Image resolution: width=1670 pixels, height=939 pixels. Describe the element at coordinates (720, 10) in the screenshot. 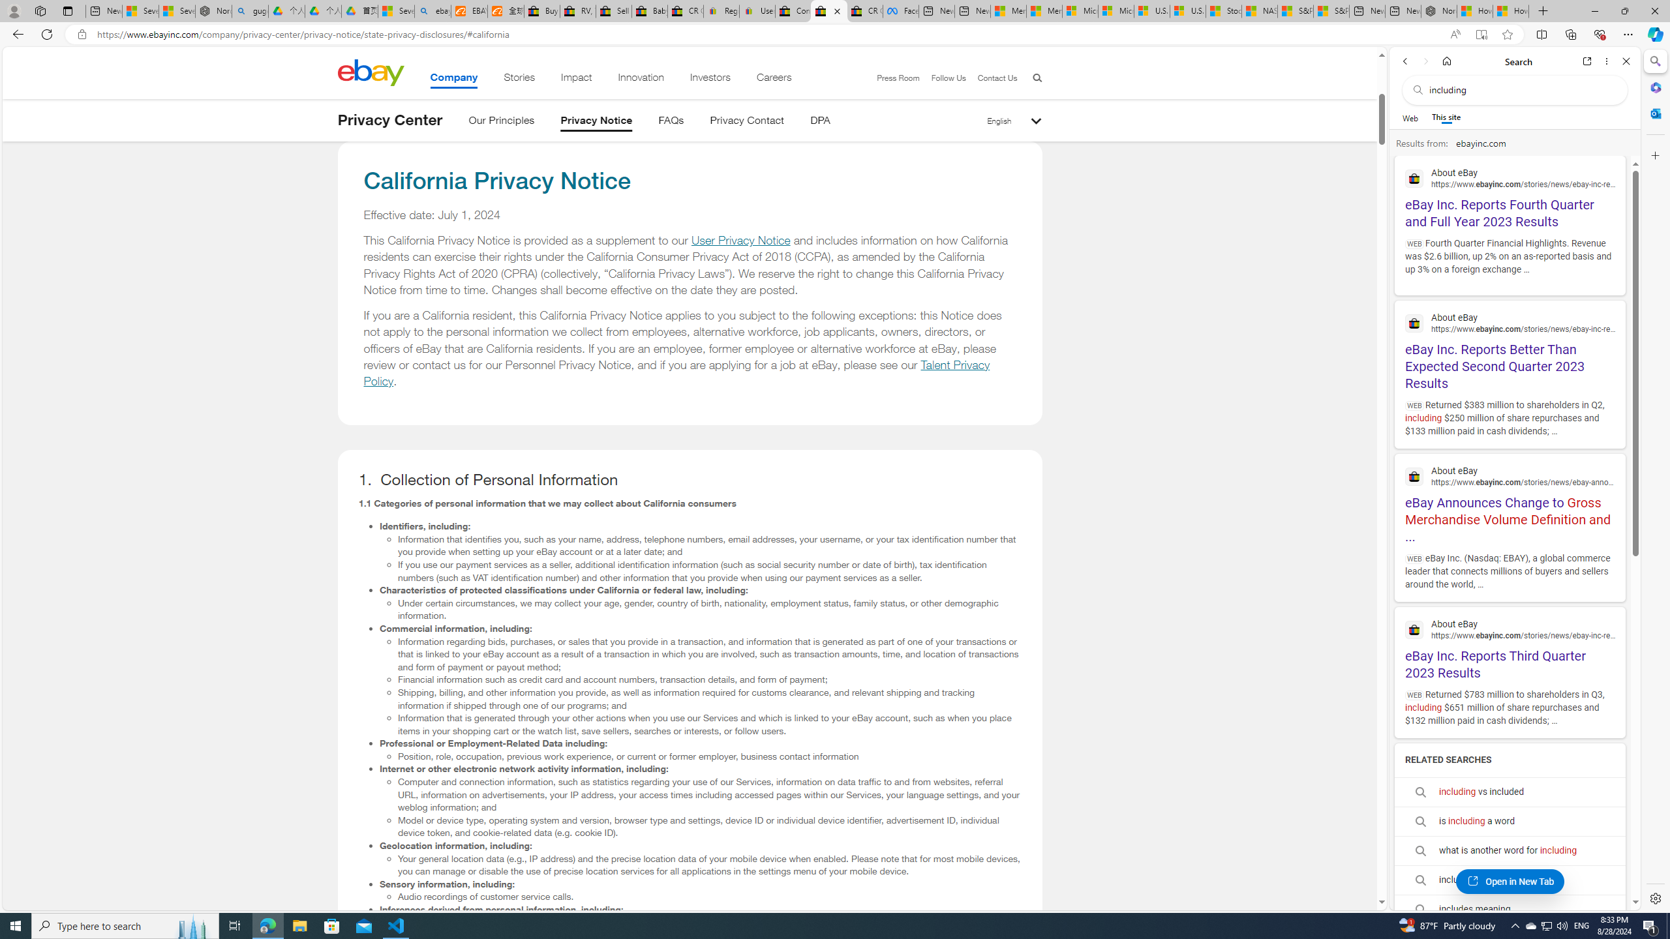

I see `'Register: Create a personal eBay account'` at that location.